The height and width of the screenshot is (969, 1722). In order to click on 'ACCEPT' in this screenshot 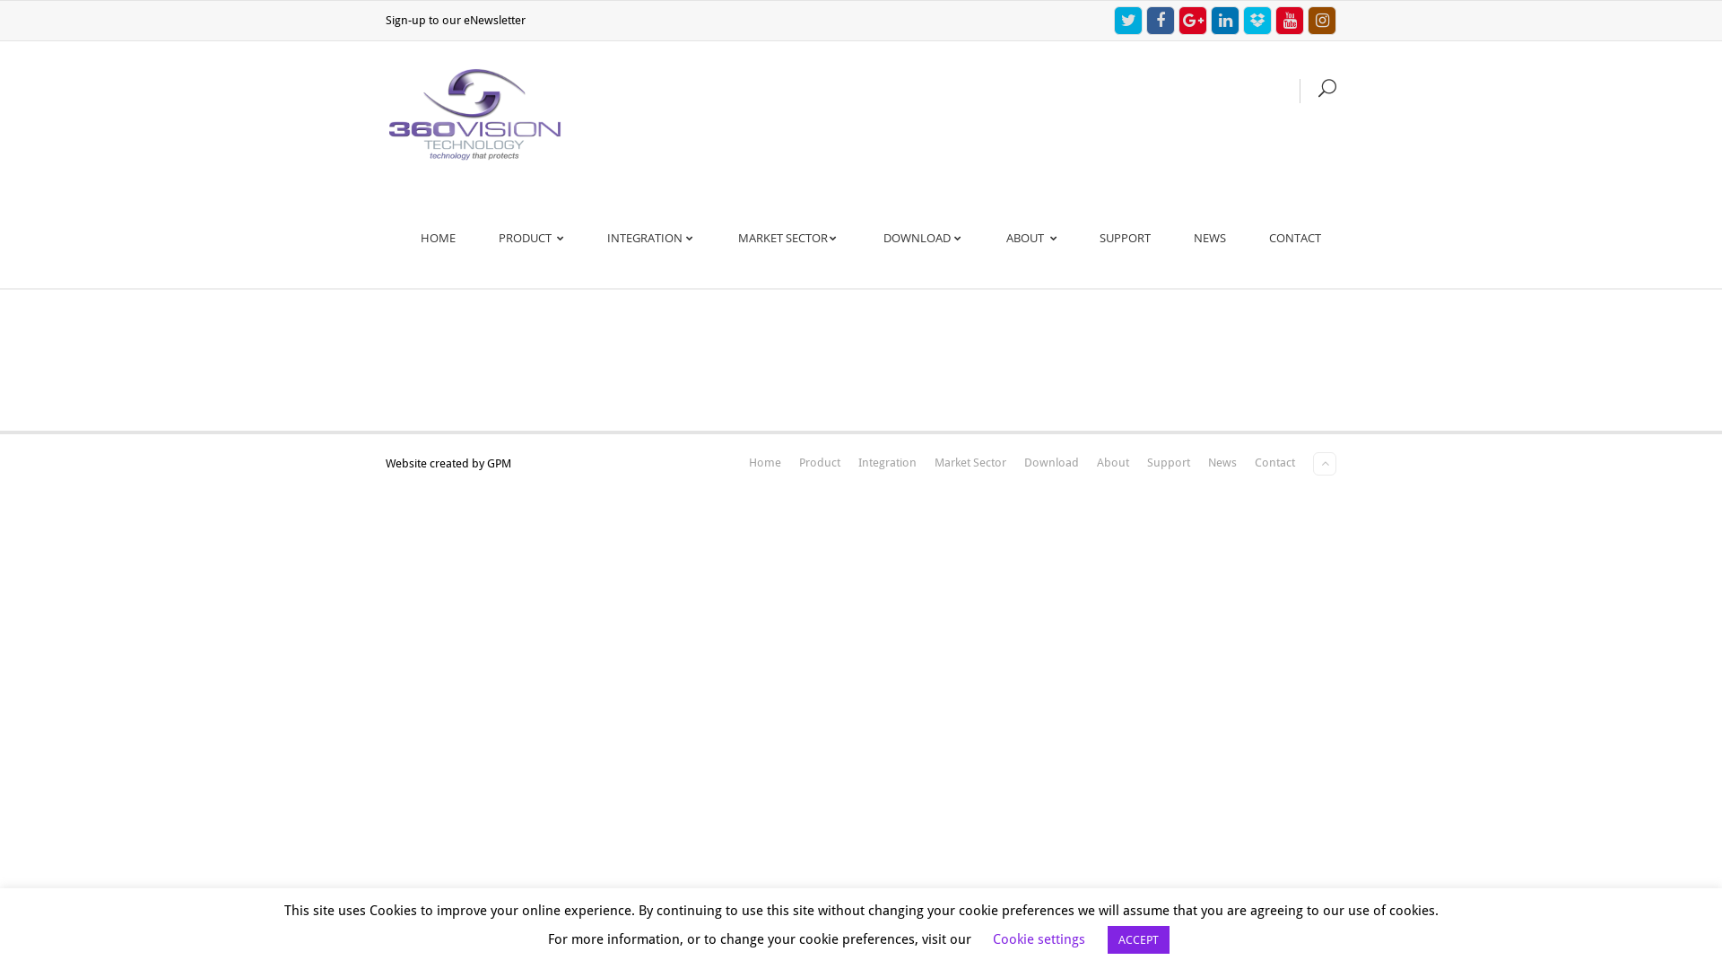, I will do `click(1137, 938)`.